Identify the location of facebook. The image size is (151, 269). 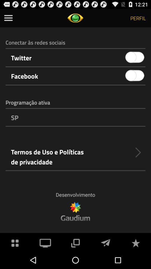
(135, 75).